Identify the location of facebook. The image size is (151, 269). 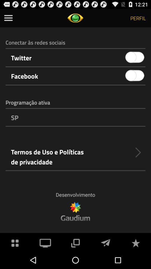
(135, 75).